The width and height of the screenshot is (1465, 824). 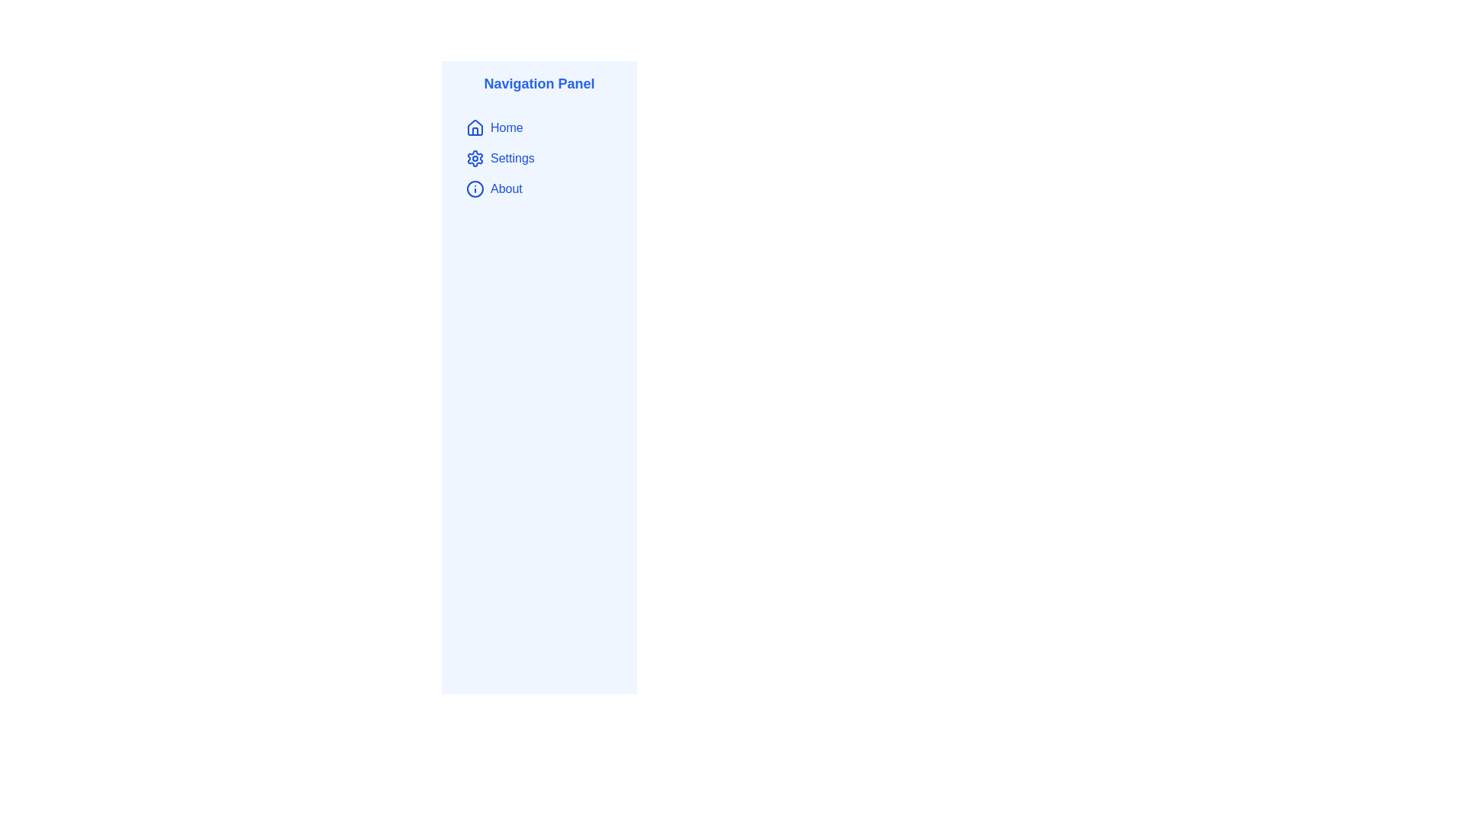 What do you see at coordinates (507, 127) in the screenshot?
I see `the 'Home' navigation label located within the navigation menu, positioned to the right of the house icon` at bounding box center [507, 127].